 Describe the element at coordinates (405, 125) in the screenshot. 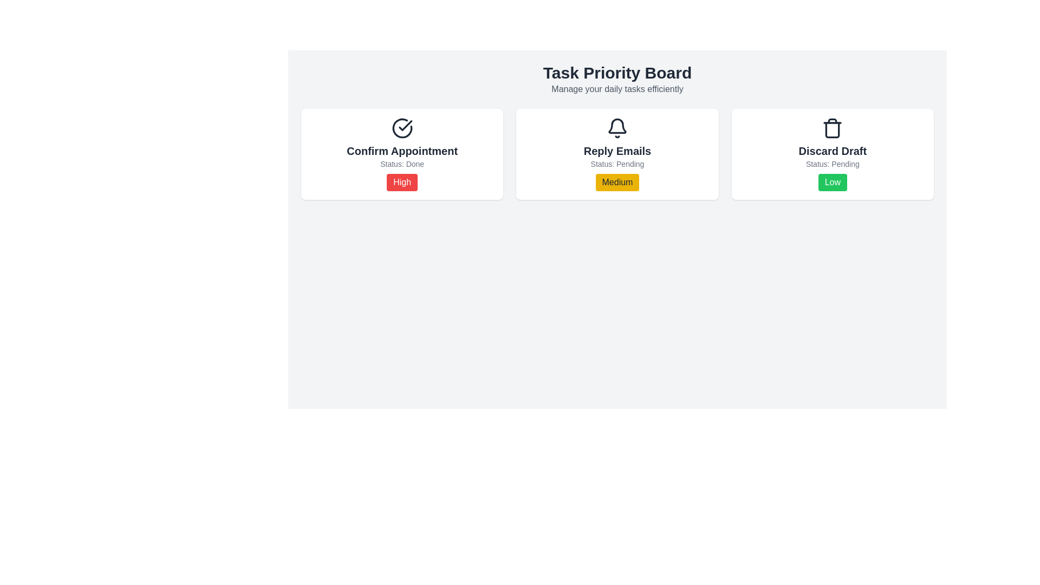

I see `the checkmark icon representing the completion status of the 'Confirm Appointment' task` at that location.